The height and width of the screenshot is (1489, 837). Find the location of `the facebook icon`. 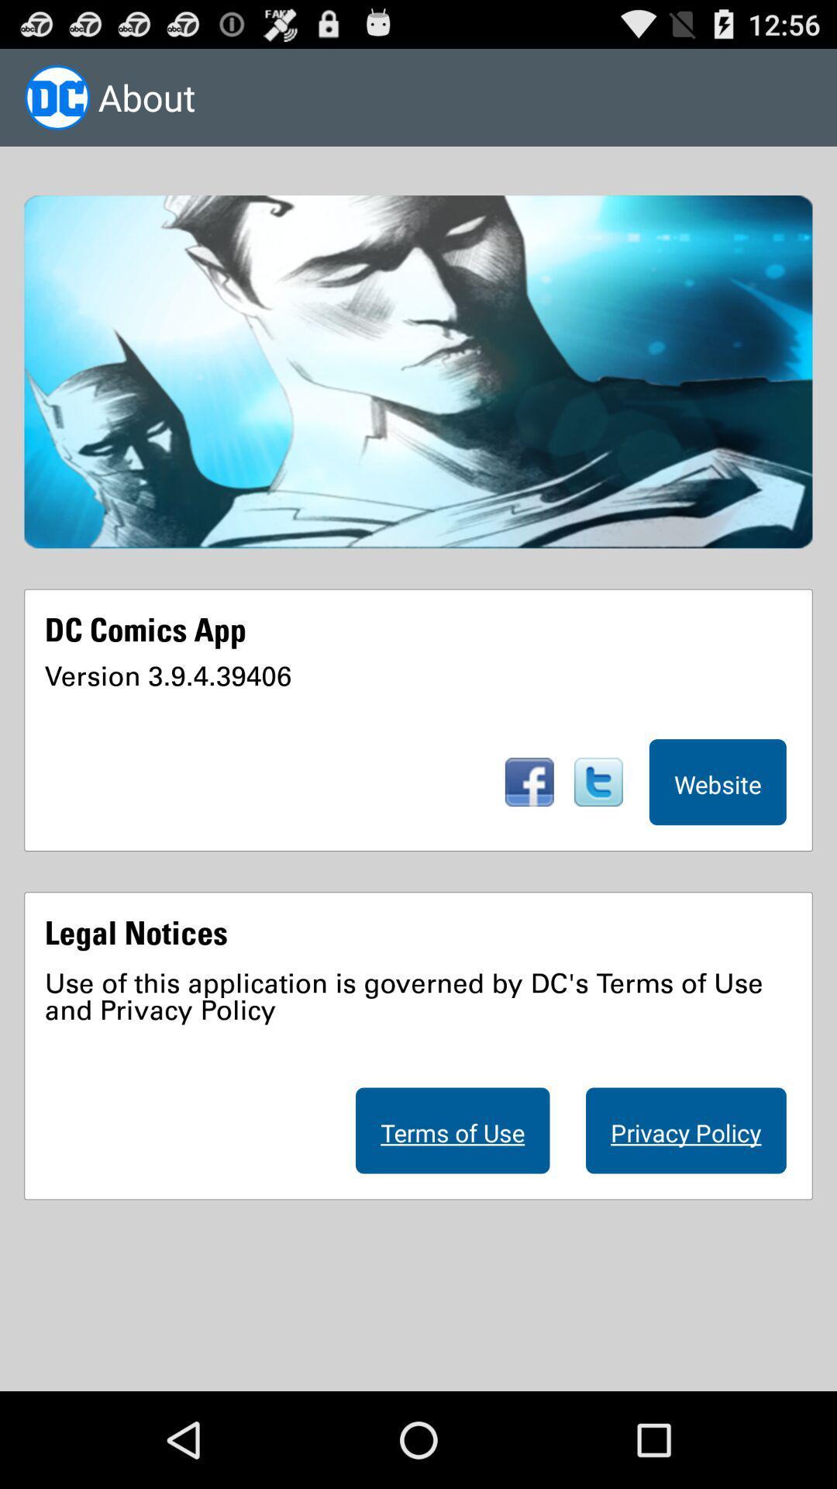

the facebook icon is located at coordinates (529, 836).